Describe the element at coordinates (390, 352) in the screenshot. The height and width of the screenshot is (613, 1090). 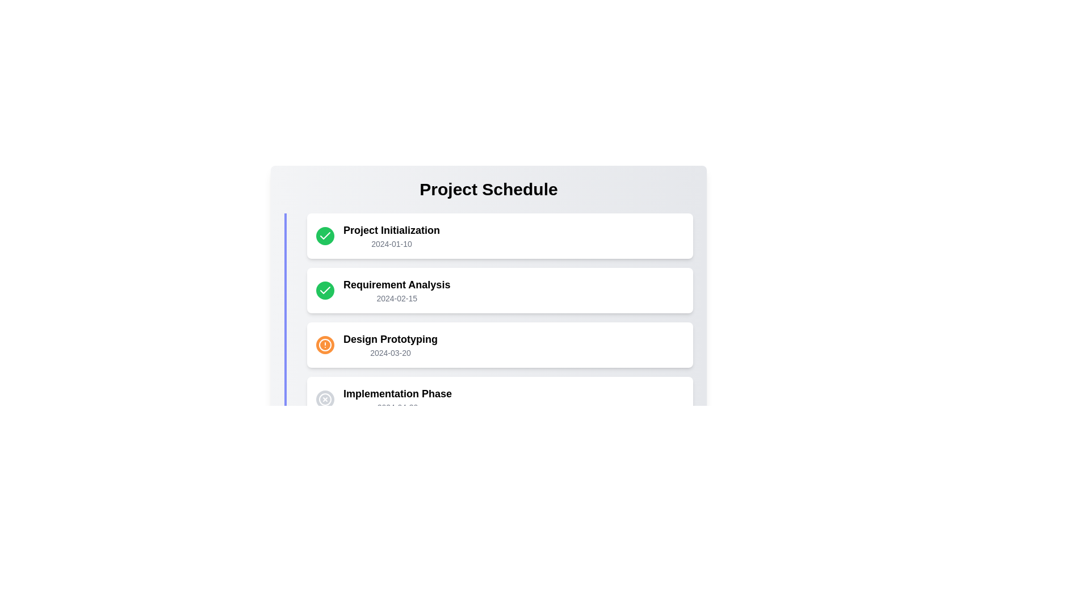
I see `date information displayed in the text label indicating '2024-03-20', which is located below the title 'Design Prototyping' in the project schedule layout` at that location.